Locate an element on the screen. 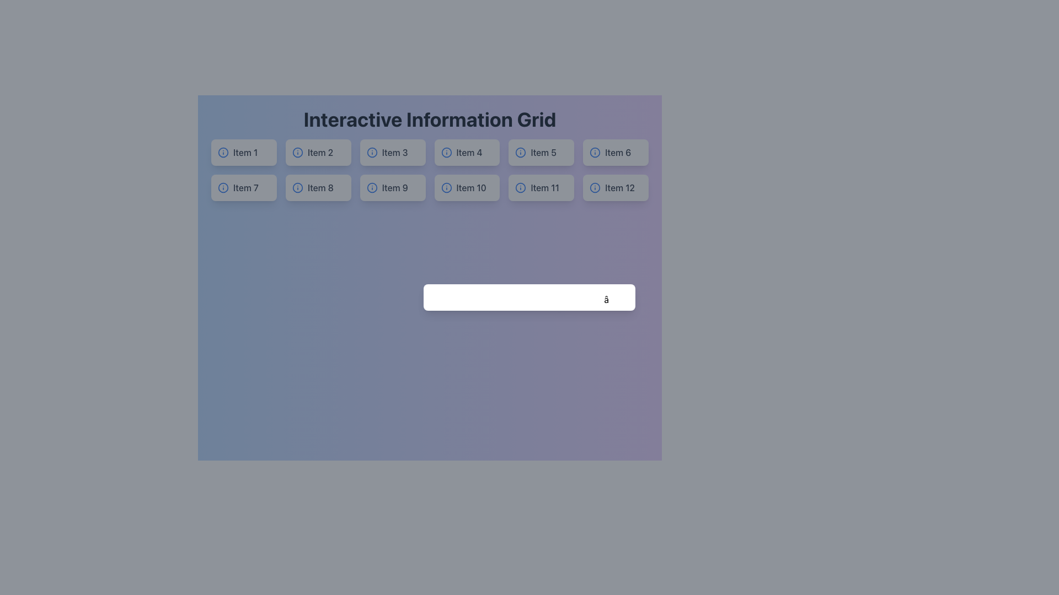 The image size is (1059, 595). text from the label 'Item 12' located in the second row and last column of the interactive grid layout, positioned to the right of the blue circular icon is located at coordinates (620, 187).